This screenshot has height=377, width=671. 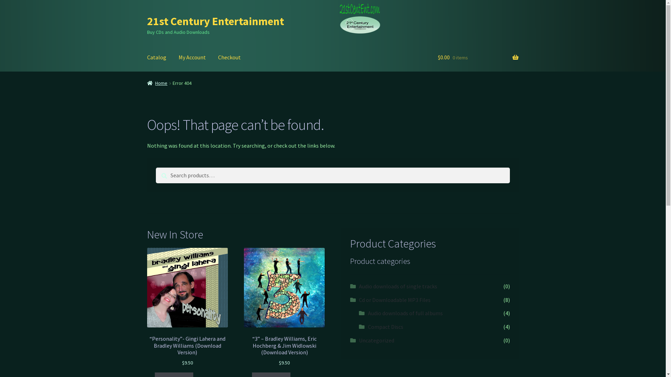 What do you see at coordinates (146, 14) in the screenshot?
I see `'Skip to navigation'` at bounding box center [146, 14].